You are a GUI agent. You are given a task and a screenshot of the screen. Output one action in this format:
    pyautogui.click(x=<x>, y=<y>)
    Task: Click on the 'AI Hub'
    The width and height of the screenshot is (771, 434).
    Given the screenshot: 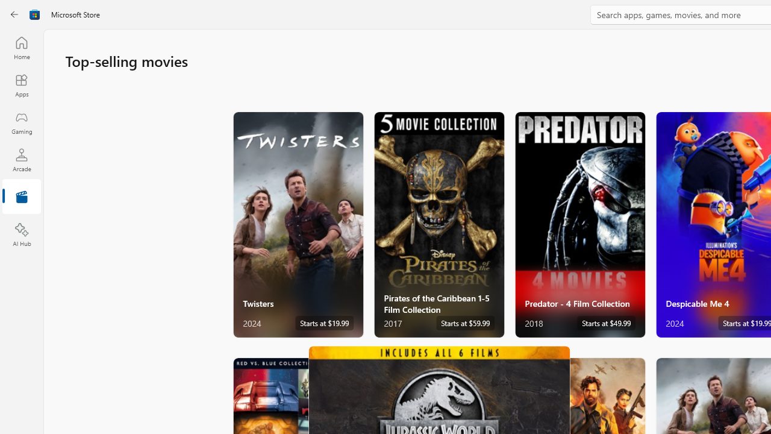 What is the action you would take?
    pyautogui.click(x=21, y=235)
    